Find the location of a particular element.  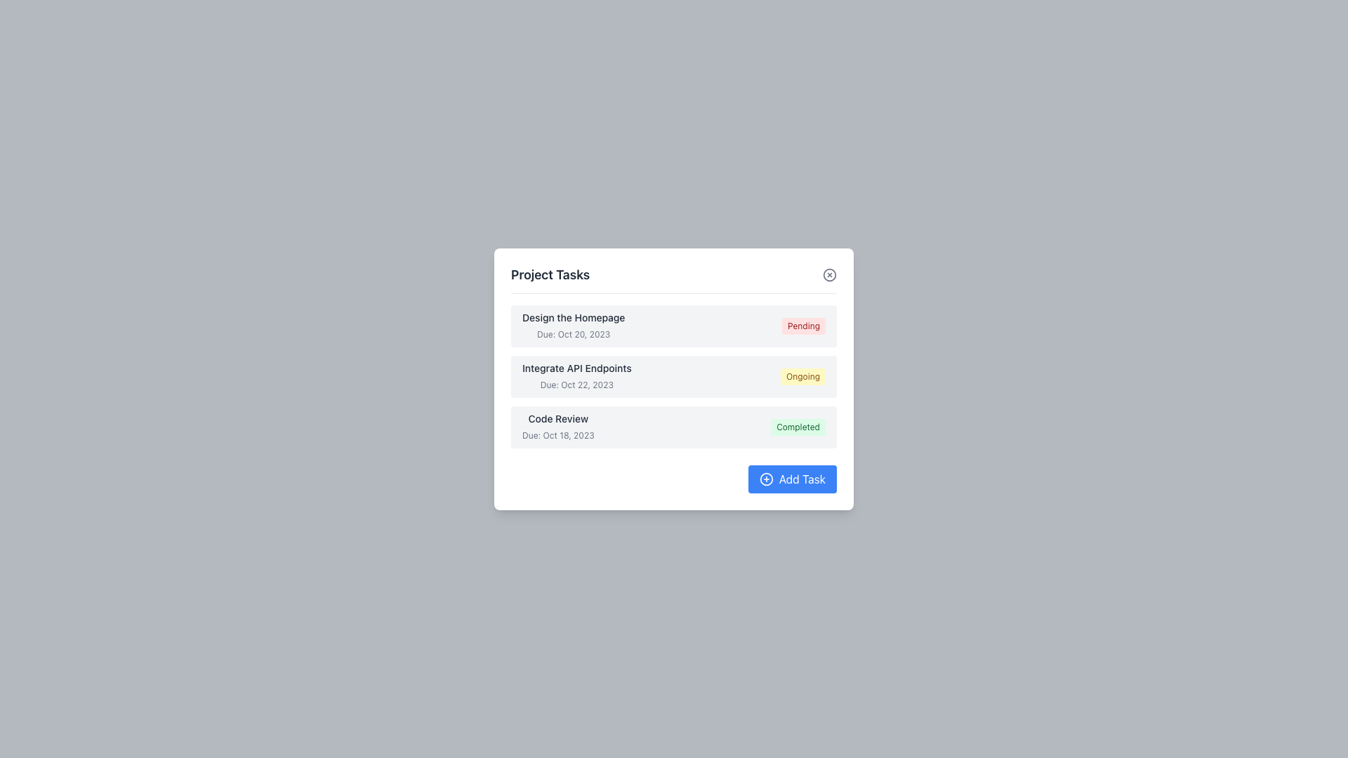

text from the Text Label indicating the due date for the task in the second row of the task list titled 'Integrate API Endpoints' is located at coordinates (576, 384).